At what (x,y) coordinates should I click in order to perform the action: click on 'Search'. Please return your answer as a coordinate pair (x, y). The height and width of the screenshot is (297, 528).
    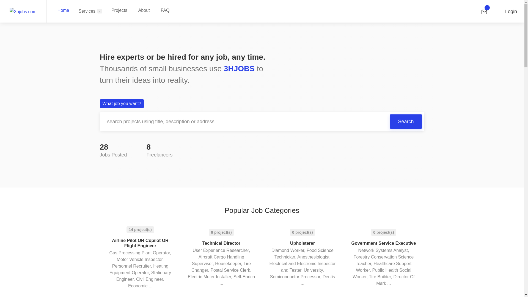
    Looking at the image, I should click on (406, 121).